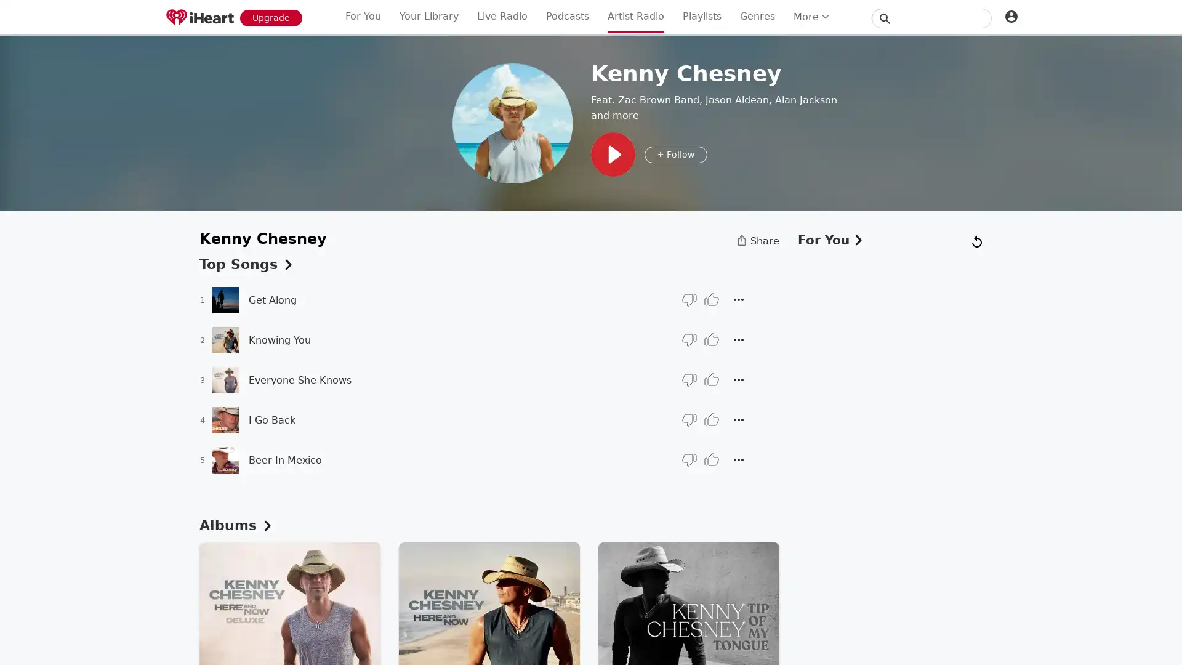 This screenshot has width=1182, height=665. I want to click on Play, so click(225, 339).